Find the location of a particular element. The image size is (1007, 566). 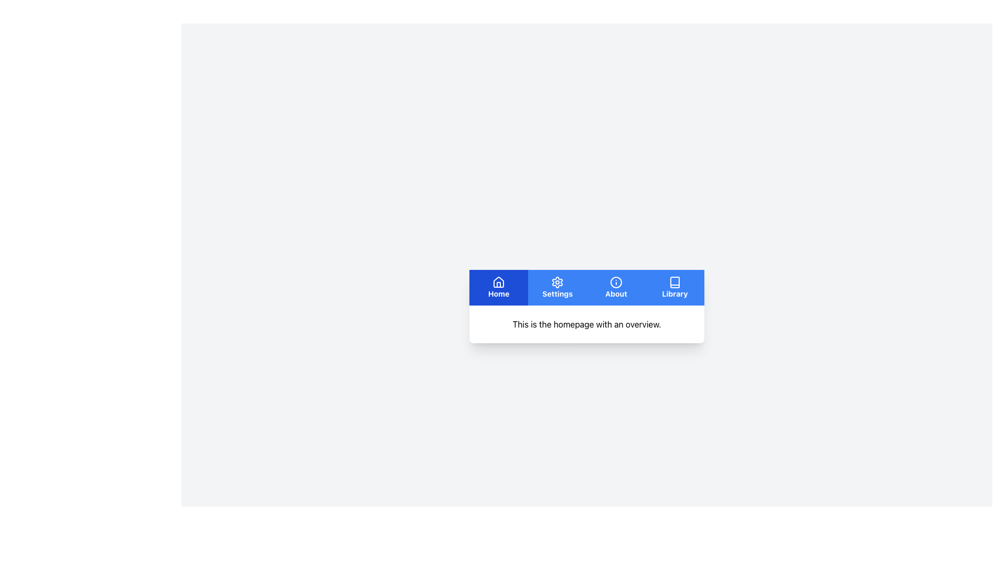

the blue rectangular button labeled 'Home' with a white house icon is located at coordinates (498, 287).